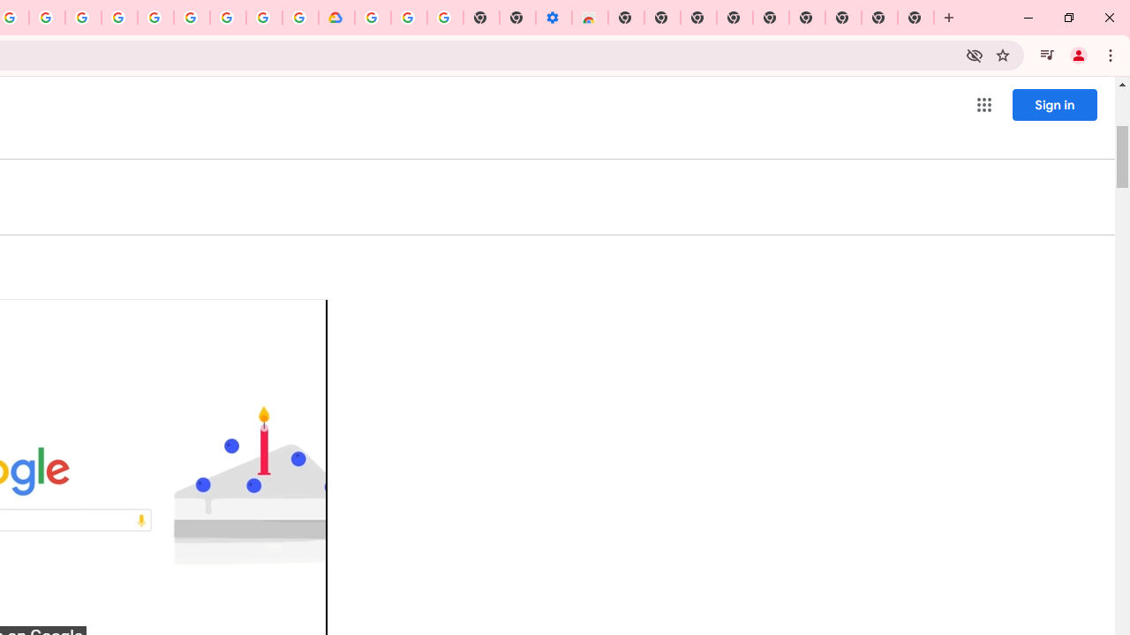  What do you see at coordinates (553, 18) in the screenshot?
I see `'Settings - Accessibility'` at bounding box center [553, 18].